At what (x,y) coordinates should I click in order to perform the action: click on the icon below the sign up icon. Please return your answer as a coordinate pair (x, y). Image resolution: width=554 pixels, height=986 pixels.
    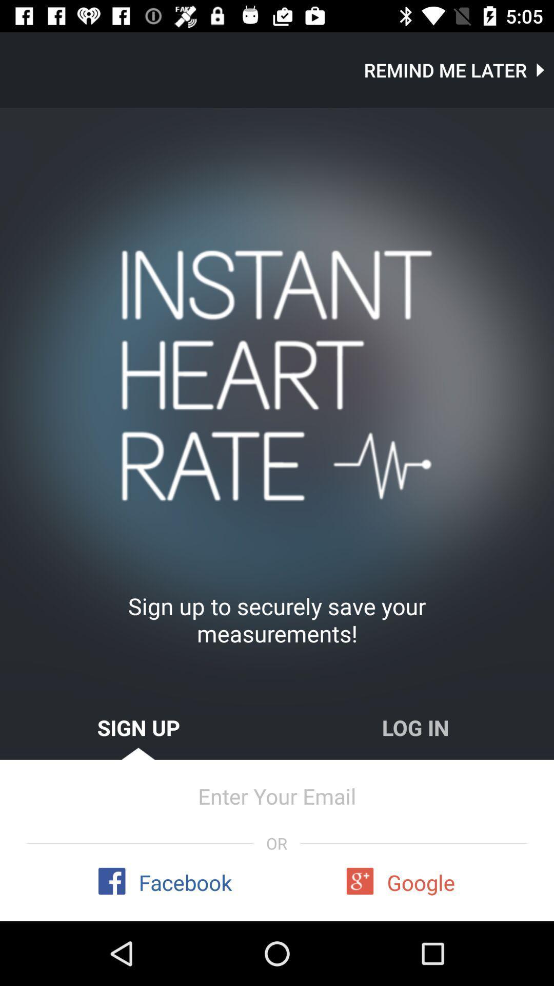
    Looking at the image, I should click on (277, 795).